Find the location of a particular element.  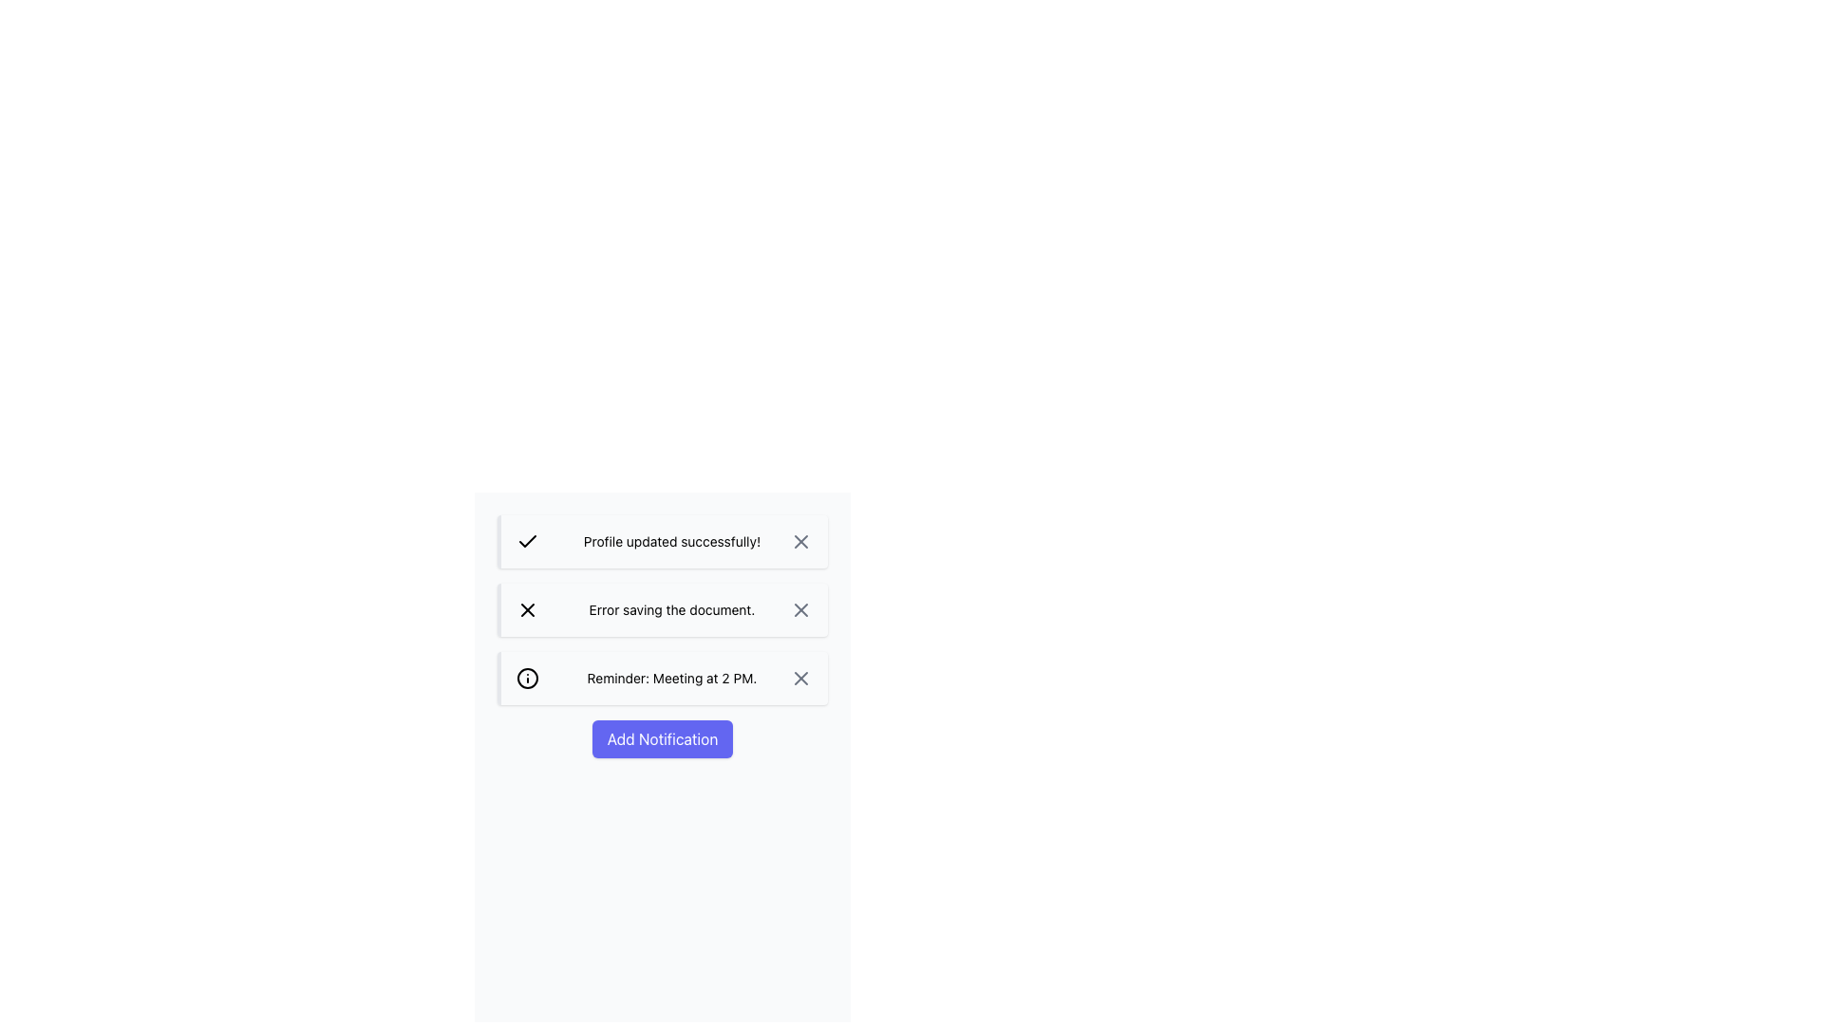

the cancel icon located to the left of the notification reading 'Error saving the document.' is located at coordinates (528, 610).